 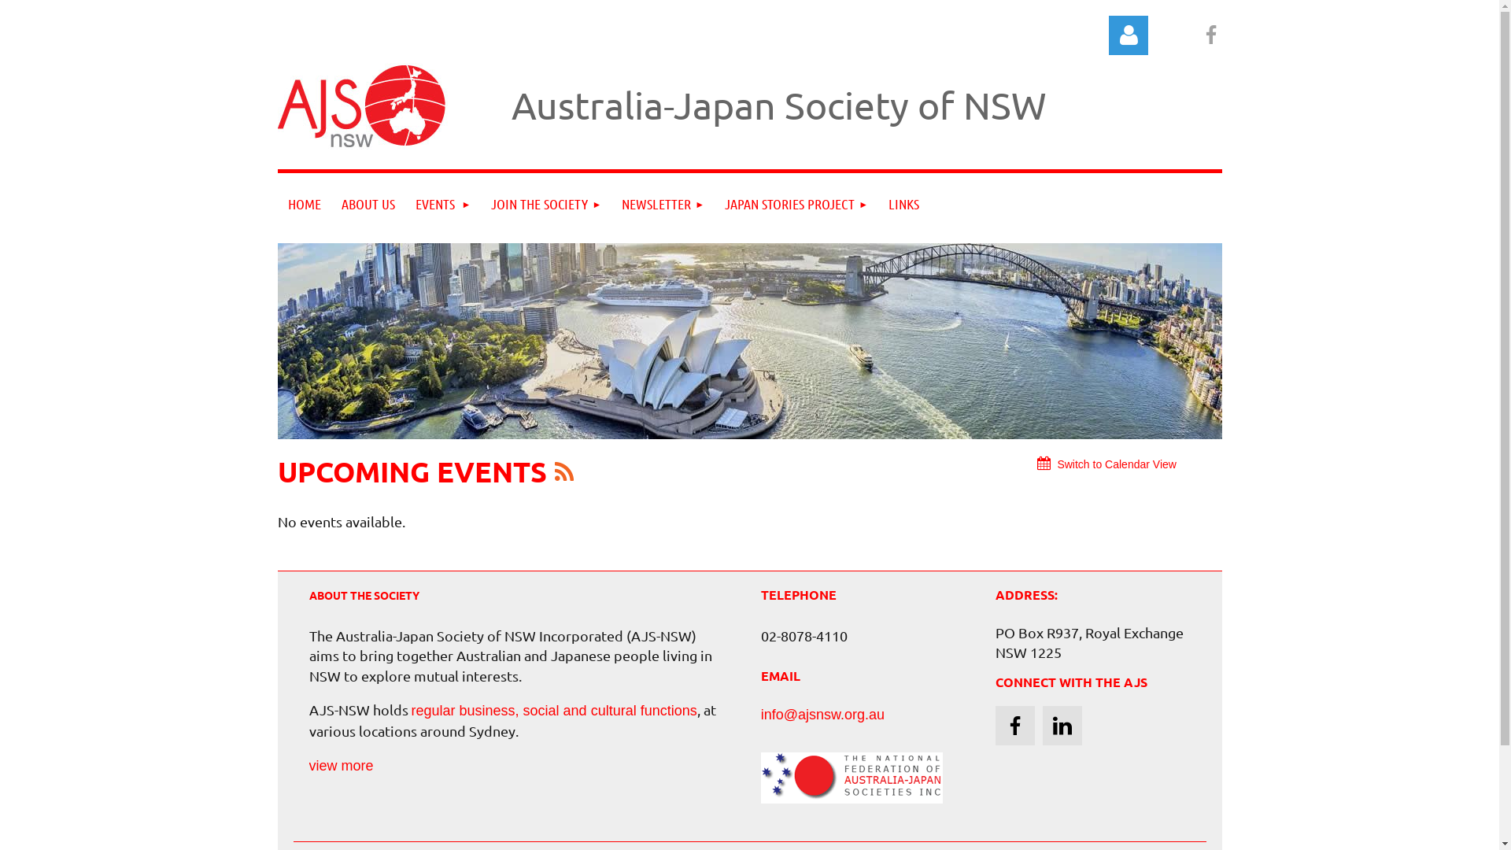 I want to click on 'Log in', so click(x=1128, y=35).